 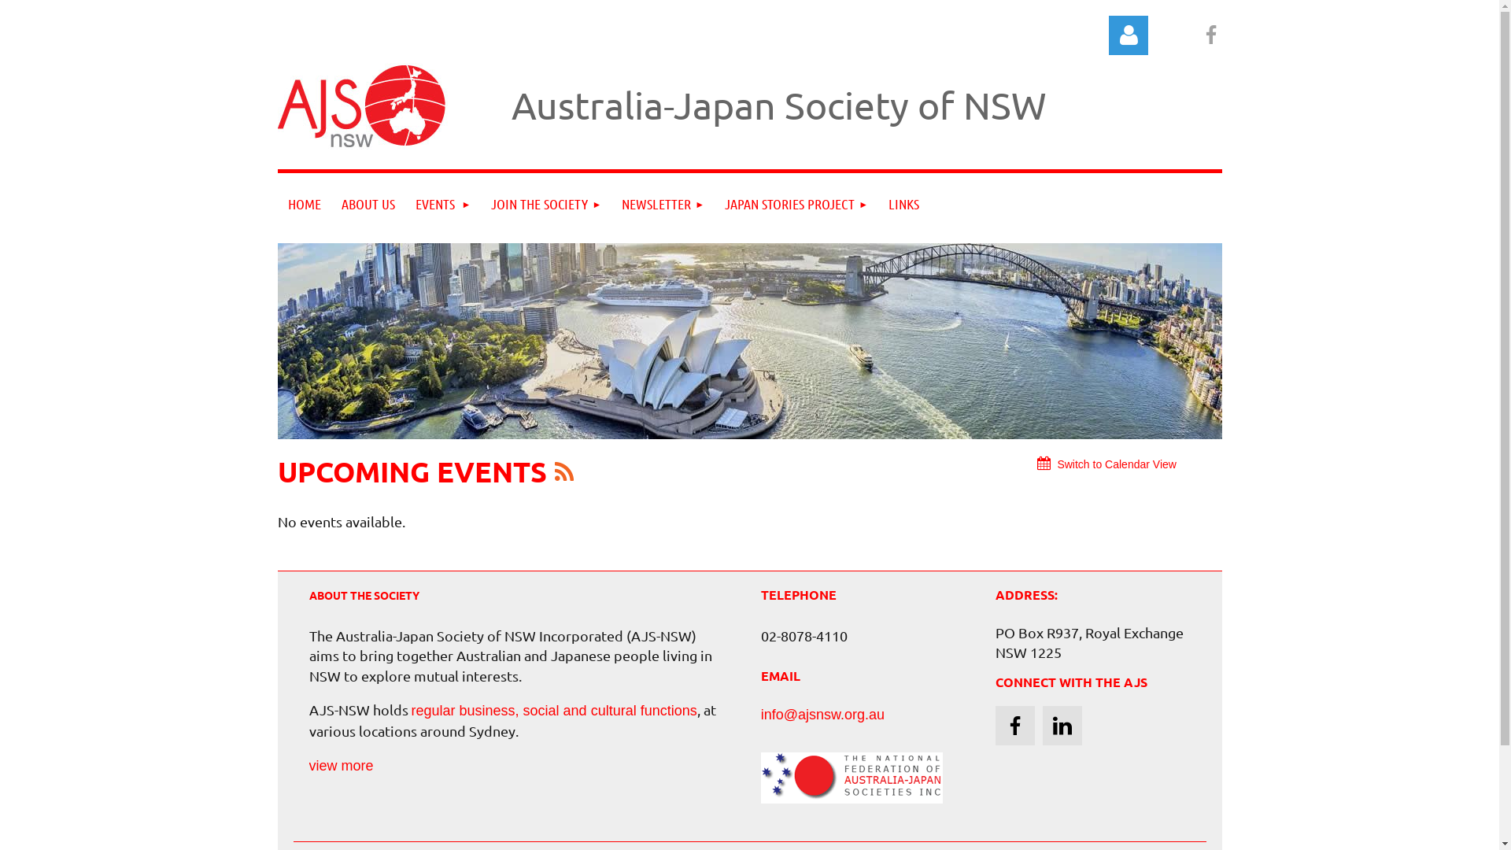 I want to click on 'Log in', so click(x=1128, y=35).